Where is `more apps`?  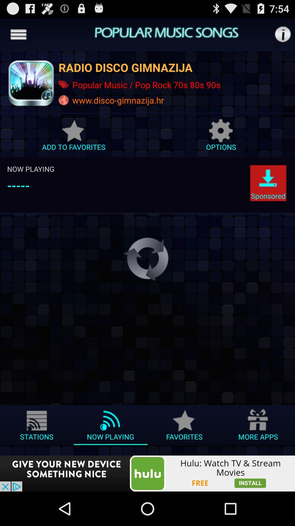 more apps is located at coordinates (258, 427).